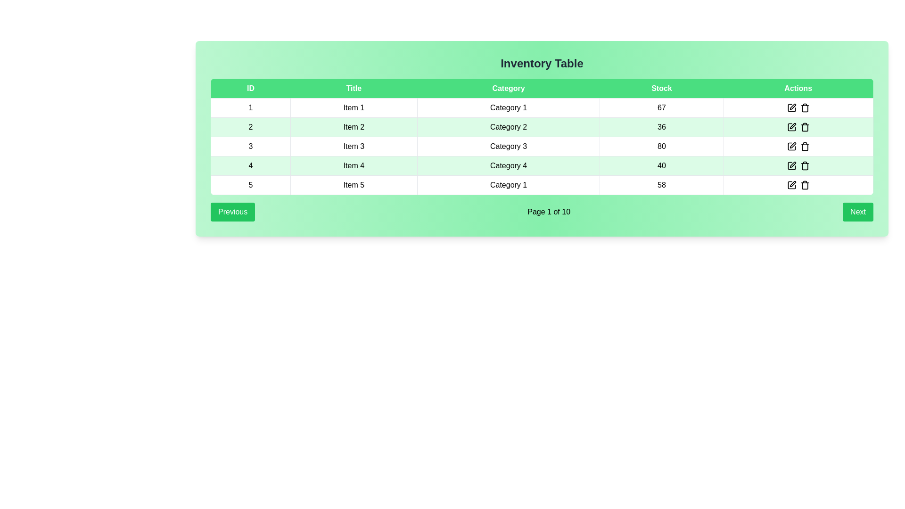  Describe the element at coordinates (508, 165) in the screenshot. I see `the informational Text label representing the category of the fourth item in the table, located in the third column of the fourth row` at that location.